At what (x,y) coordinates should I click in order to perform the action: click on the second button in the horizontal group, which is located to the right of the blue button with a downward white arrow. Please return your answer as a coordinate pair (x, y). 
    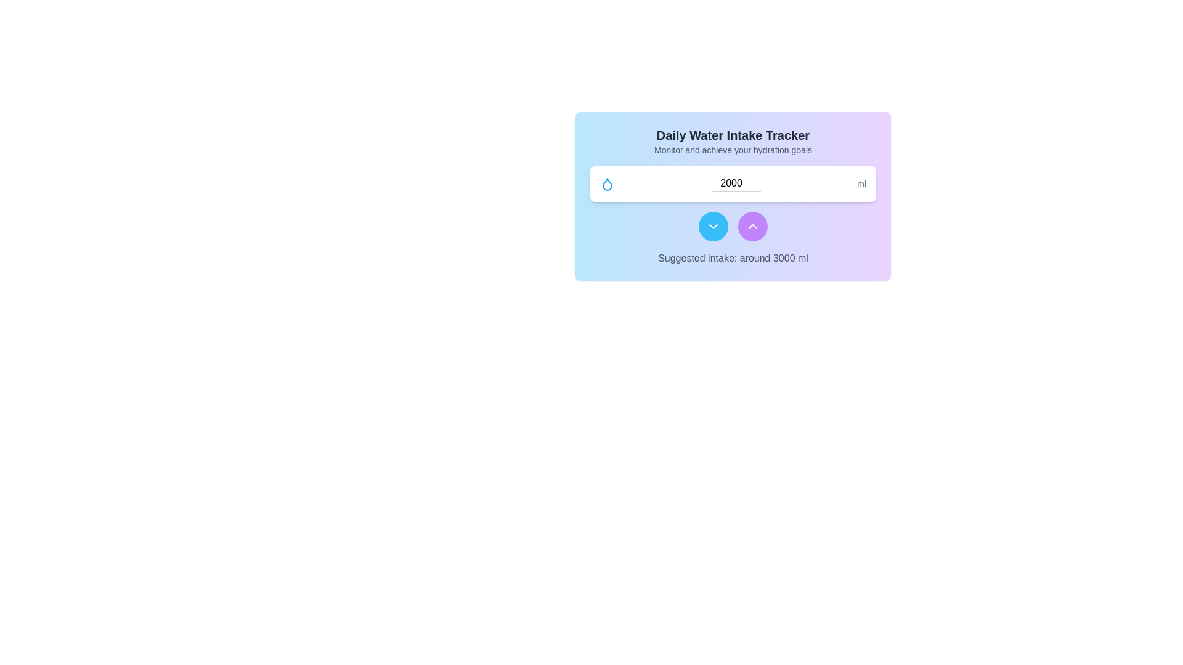
    Looking at the image, I should click on (752, 226).